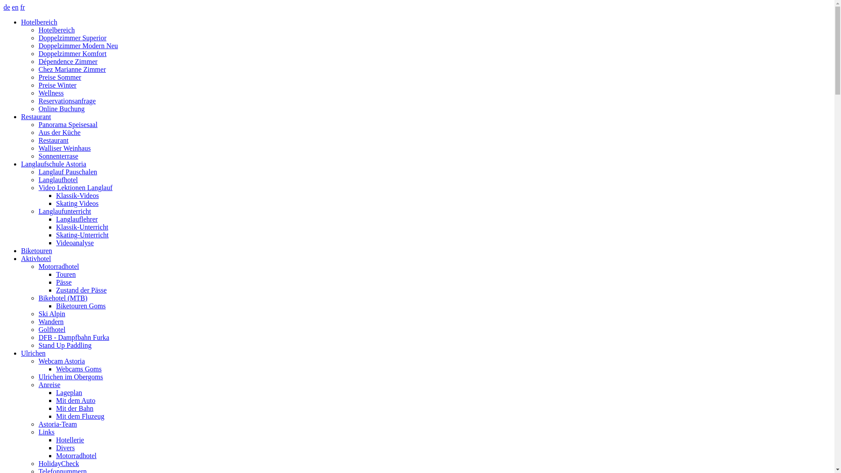 This screenshot has width=841, height=473. What do you see at coordinates (38, 313) in the screenshot?
I see `'Ski Alpin'` at bounding box center [38, 313].